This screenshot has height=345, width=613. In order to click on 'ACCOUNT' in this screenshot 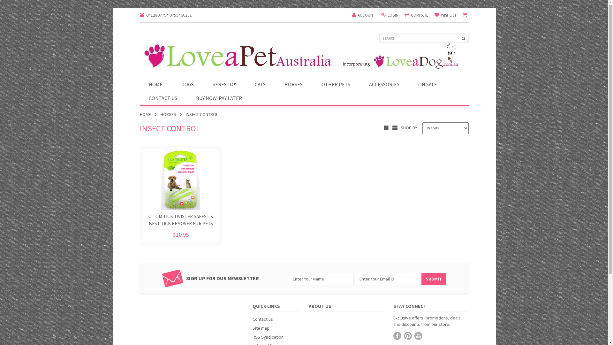, I will do `click(352, 15)`.